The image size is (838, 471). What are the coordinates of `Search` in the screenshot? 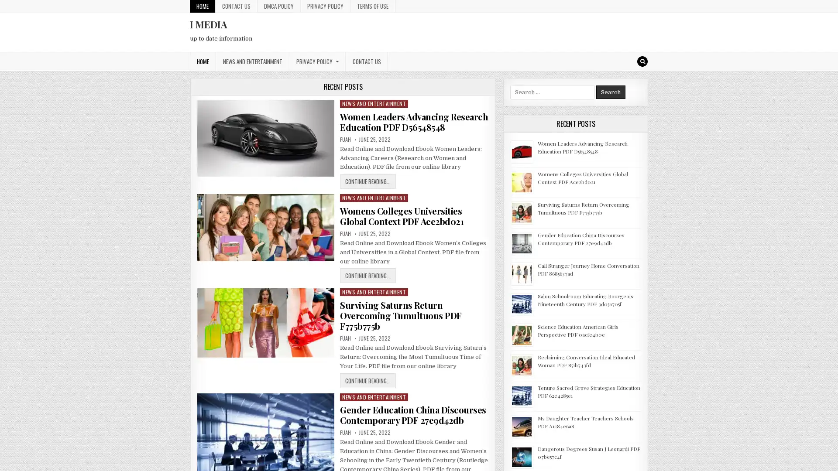 It's located at (610, 92).